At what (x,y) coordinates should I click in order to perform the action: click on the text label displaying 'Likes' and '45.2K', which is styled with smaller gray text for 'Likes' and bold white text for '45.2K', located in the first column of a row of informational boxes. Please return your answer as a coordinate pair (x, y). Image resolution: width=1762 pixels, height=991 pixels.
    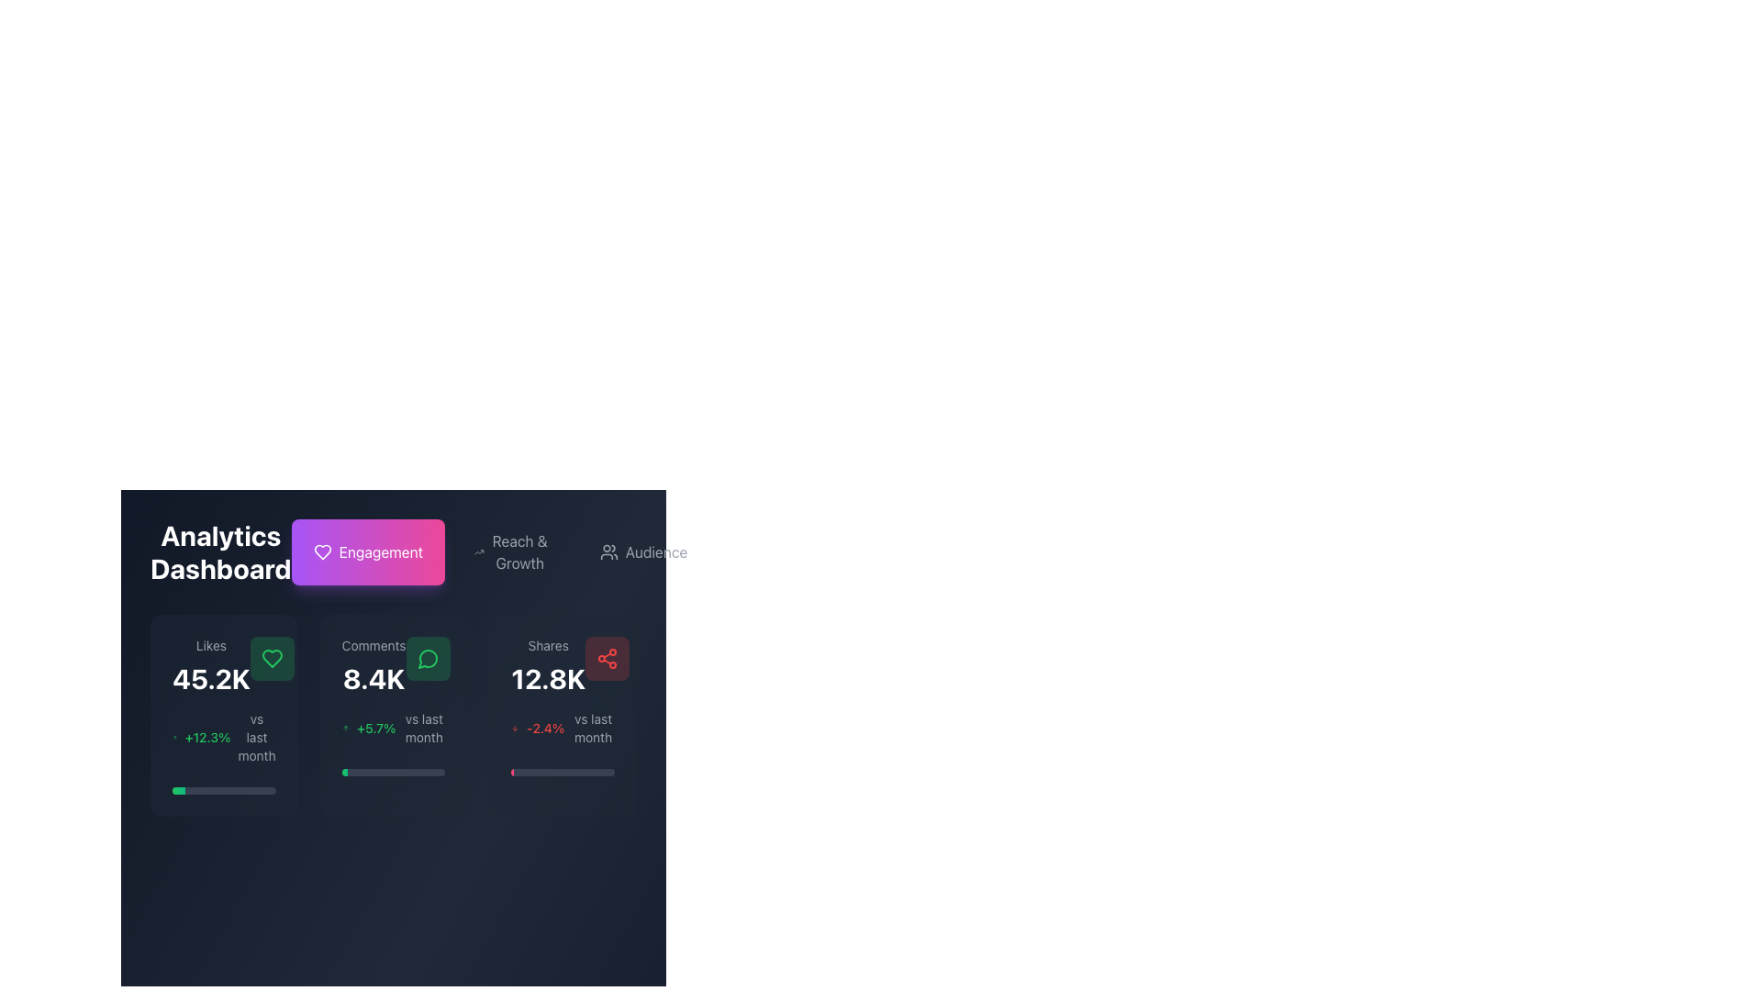
    Looking at the image, I should click on (211, 665).